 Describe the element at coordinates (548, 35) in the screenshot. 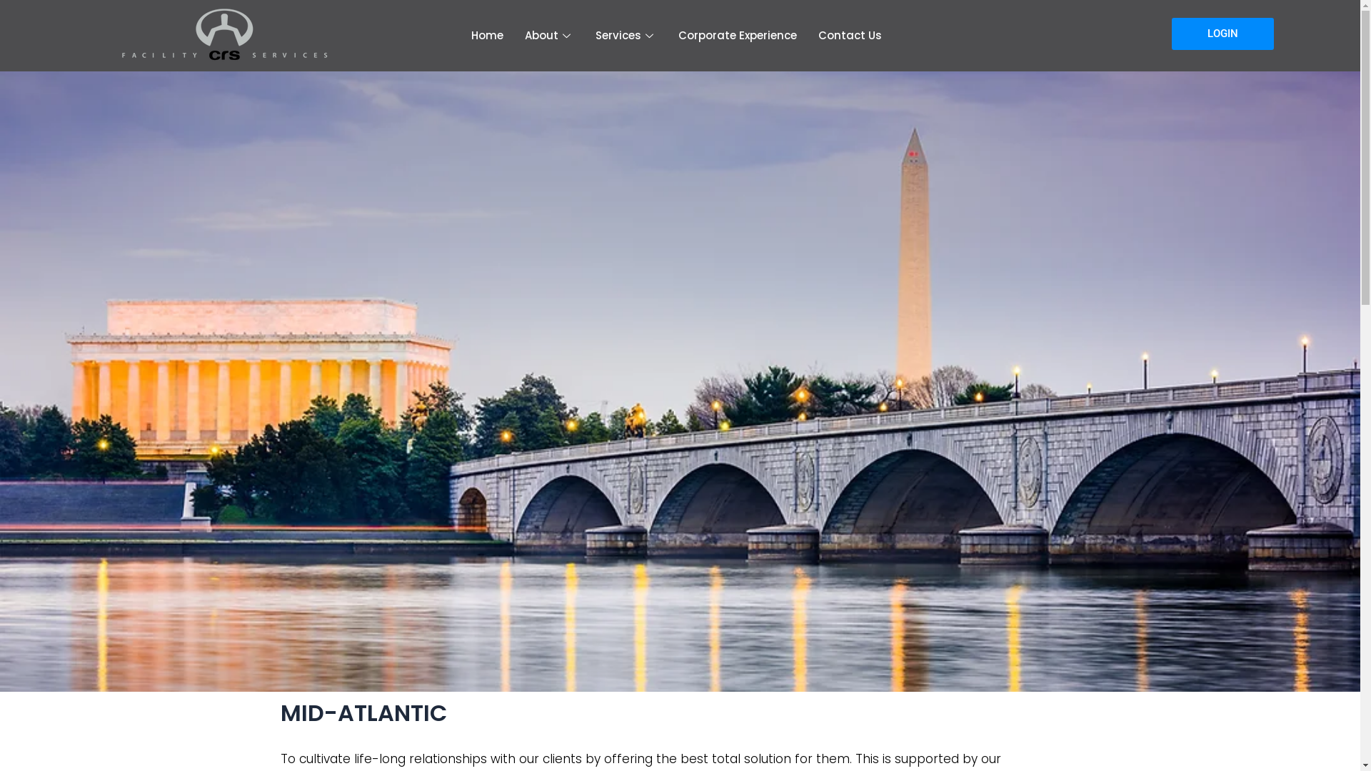

I see `'About'` at that location.